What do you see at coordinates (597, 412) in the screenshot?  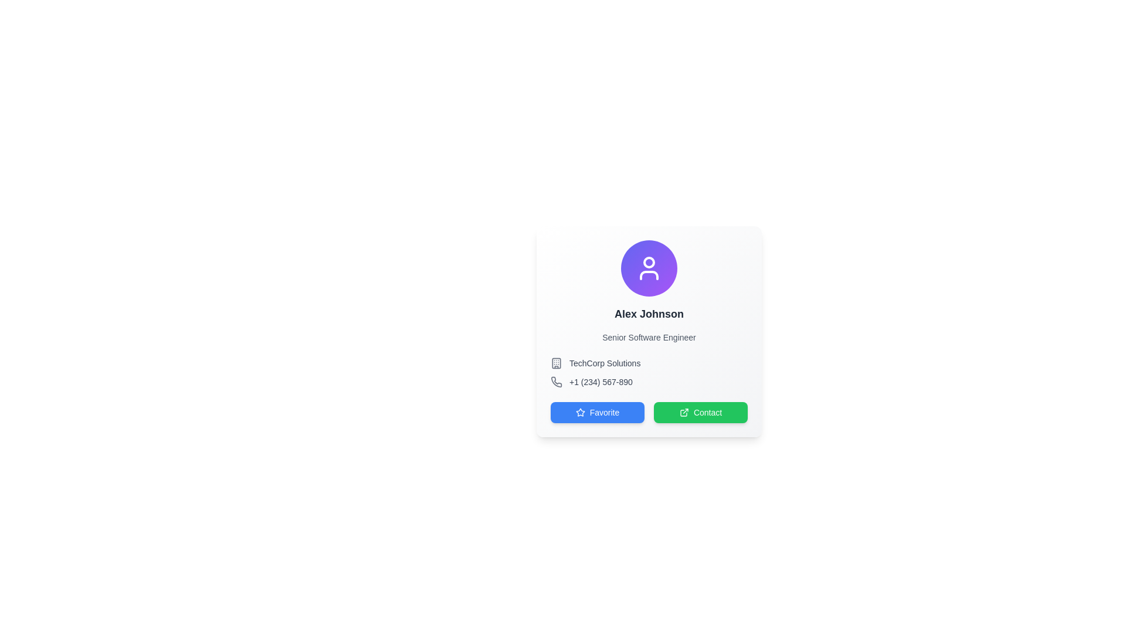 I see `the 'Favorite' button, which is a rectangular button with a blue background, white text, and a star icon on the left side, located below the contact details of 'Alex Johnson'` at bounding box center [597, 412].